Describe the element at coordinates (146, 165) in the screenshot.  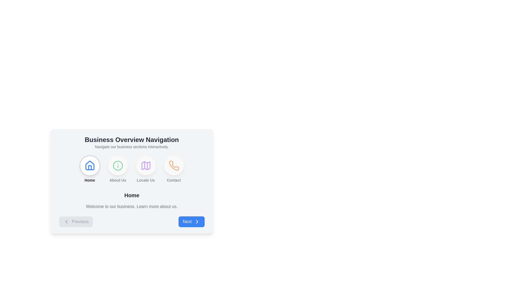
I see `the purple polygonal SVG icon that resembles a map, which is part of the 'Locate Us' circular button located third from the left in a row of four buttons at the bottom center of the interface` at that location.